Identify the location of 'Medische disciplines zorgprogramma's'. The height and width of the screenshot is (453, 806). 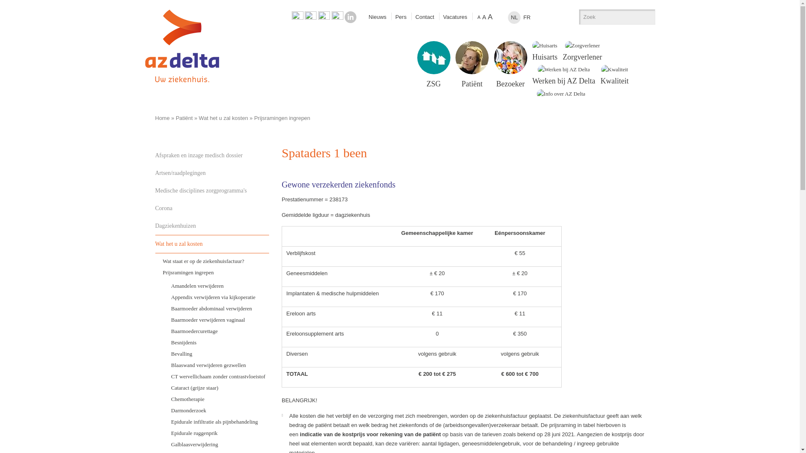
(212, 191).